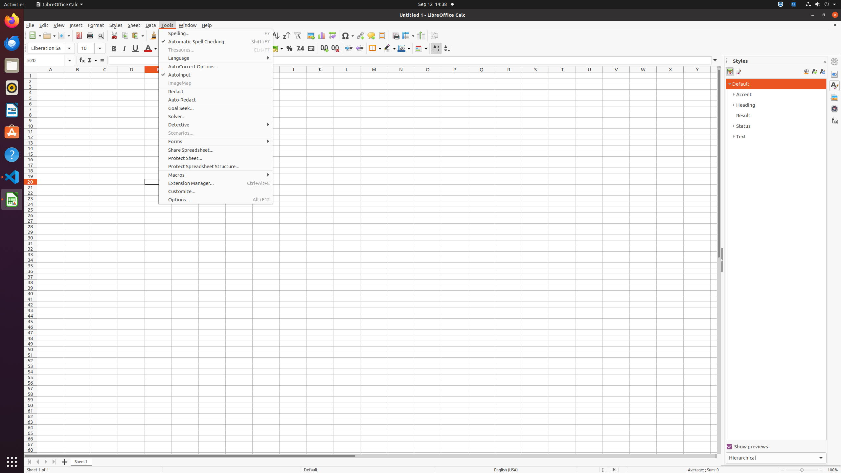 The image size is (841, 473). I want to click on 'LibreOffice Writer', so click(12, 109).